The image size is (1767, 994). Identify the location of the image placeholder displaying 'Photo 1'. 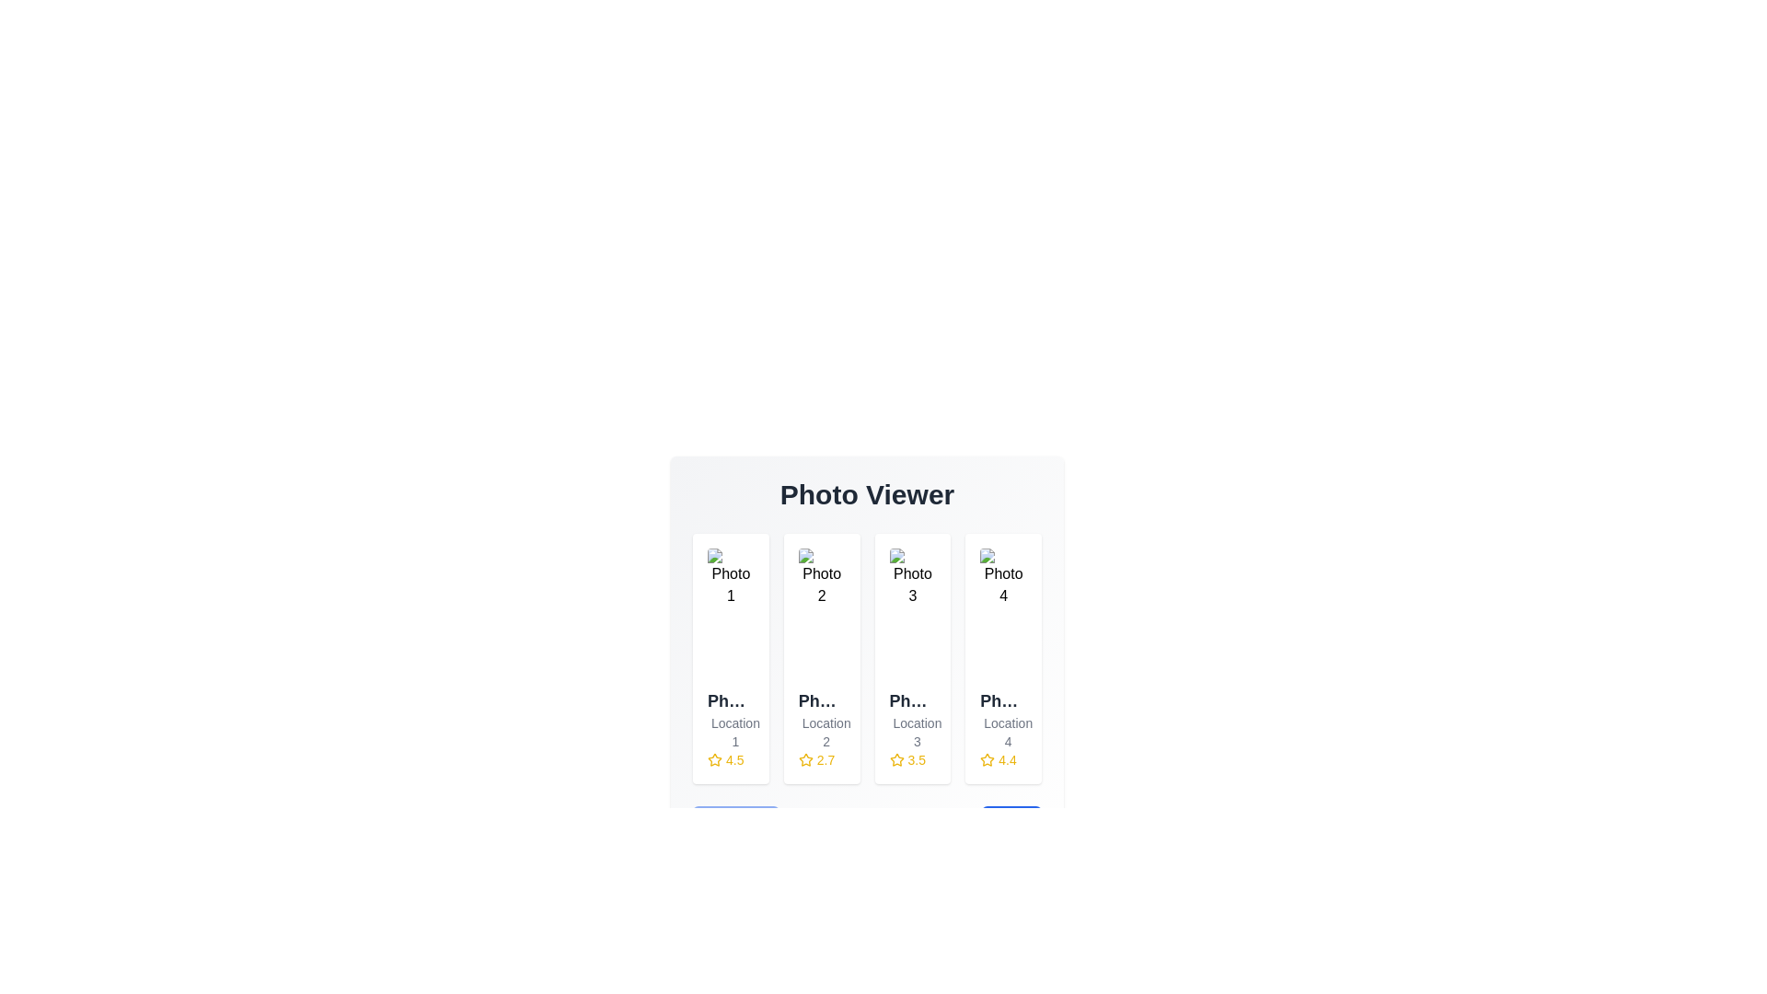
(730, 614).